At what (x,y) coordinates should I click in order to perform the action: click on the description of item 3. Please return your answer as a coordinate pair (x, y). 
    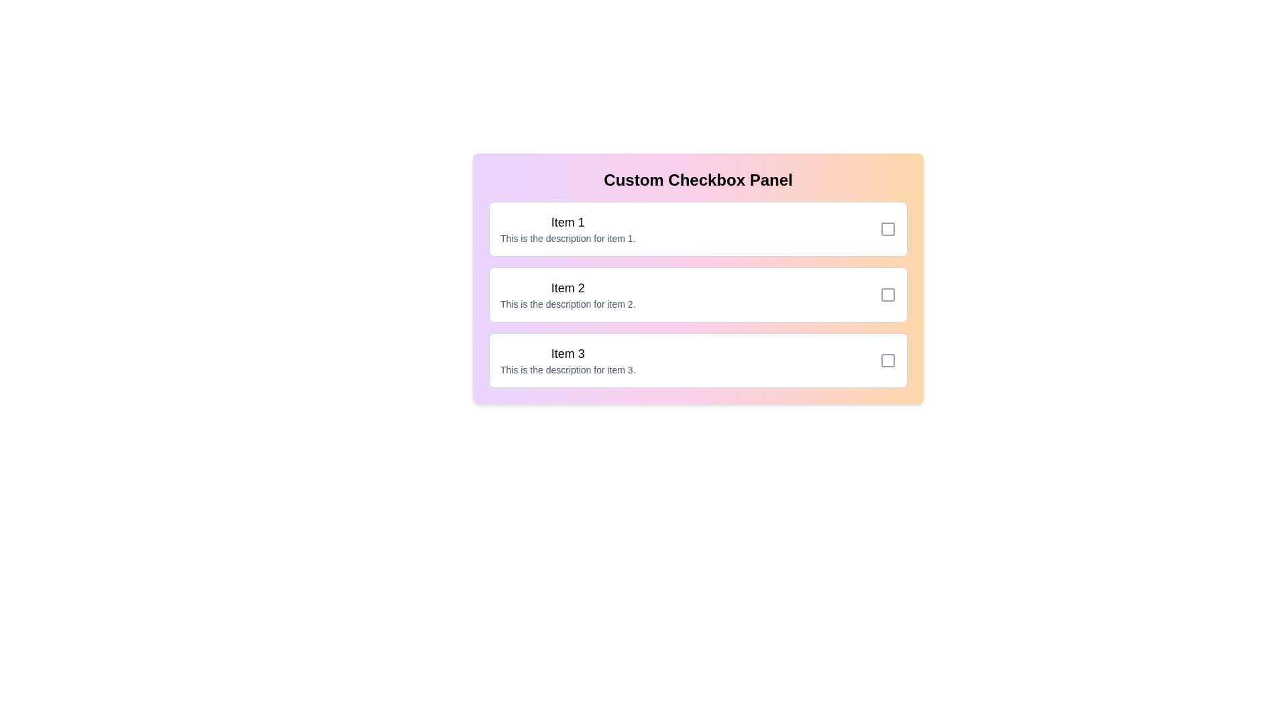
    Looking at the image, I should click on (568, 369).